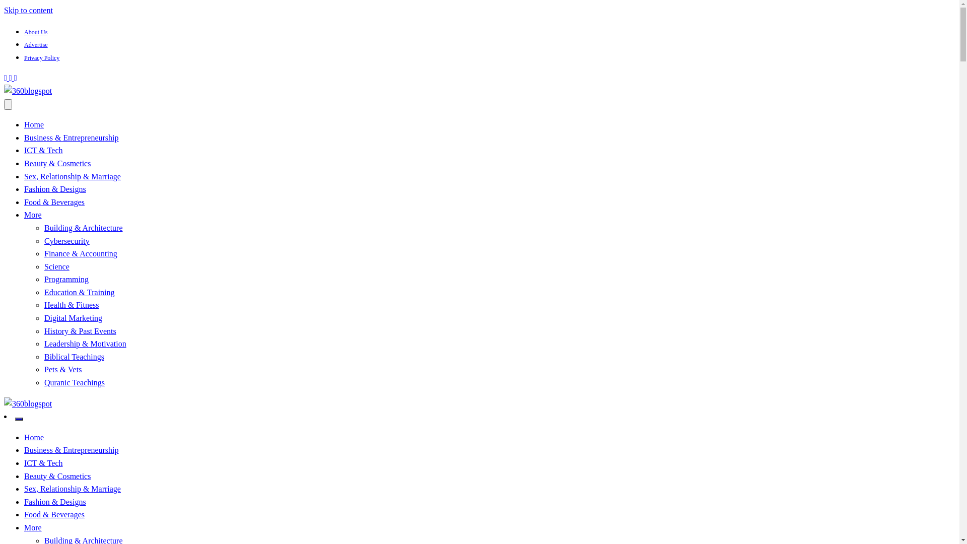  I want to click on 'Sex, Relationship & Marriage', so click(72, 176).